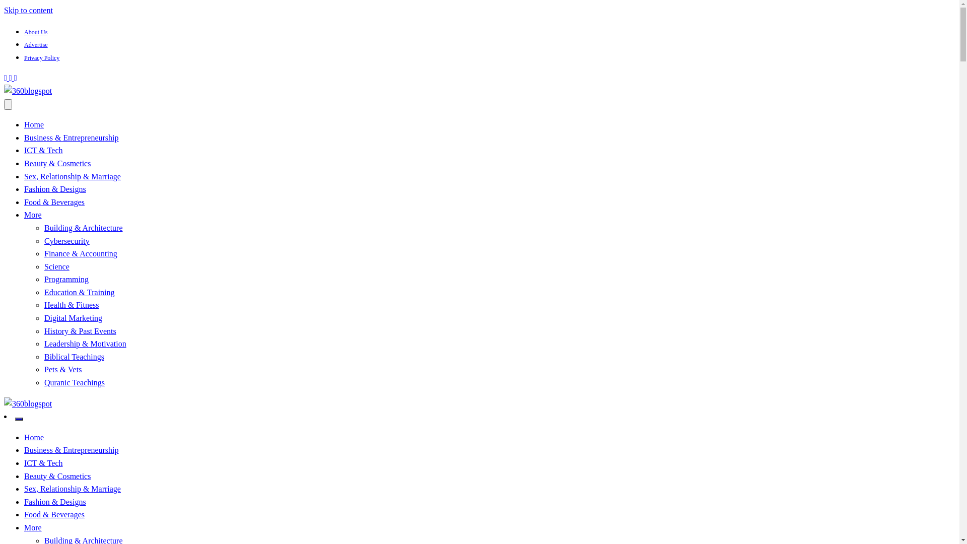  I want to click on 'Sex, Relationship & Marriage', so click(72, 176).